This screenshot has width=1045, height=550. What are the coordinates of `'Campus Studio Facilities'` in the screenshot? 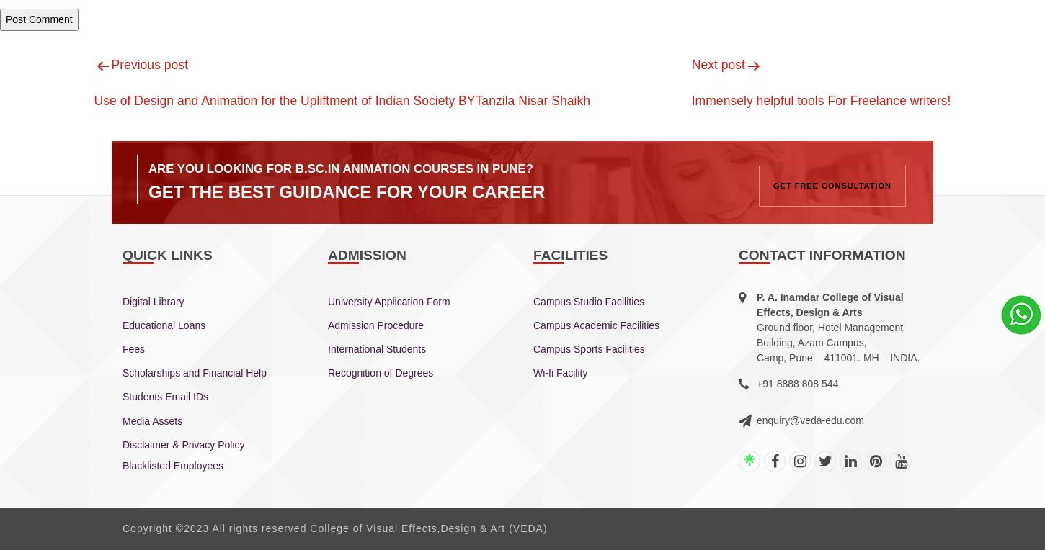 It's located at (588, 299).